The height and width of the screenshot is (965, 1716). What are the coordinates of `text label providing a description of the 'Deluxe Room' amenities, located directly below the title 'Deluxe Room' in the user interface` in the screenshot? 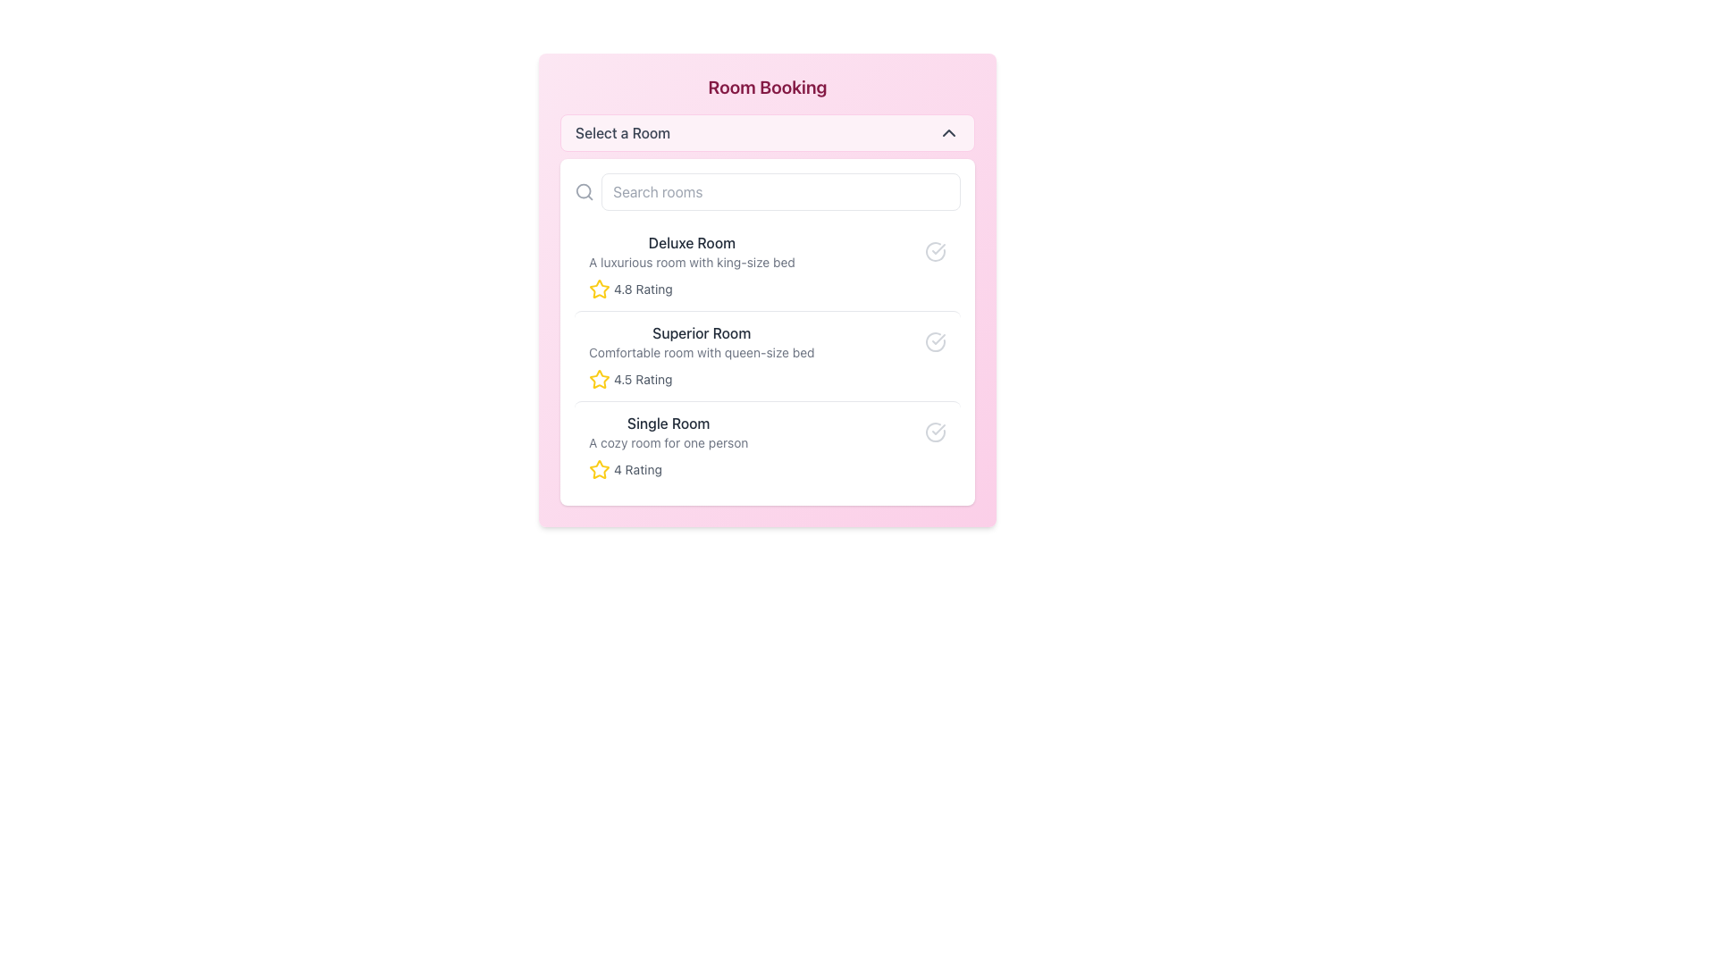 It's located at (691, 262).